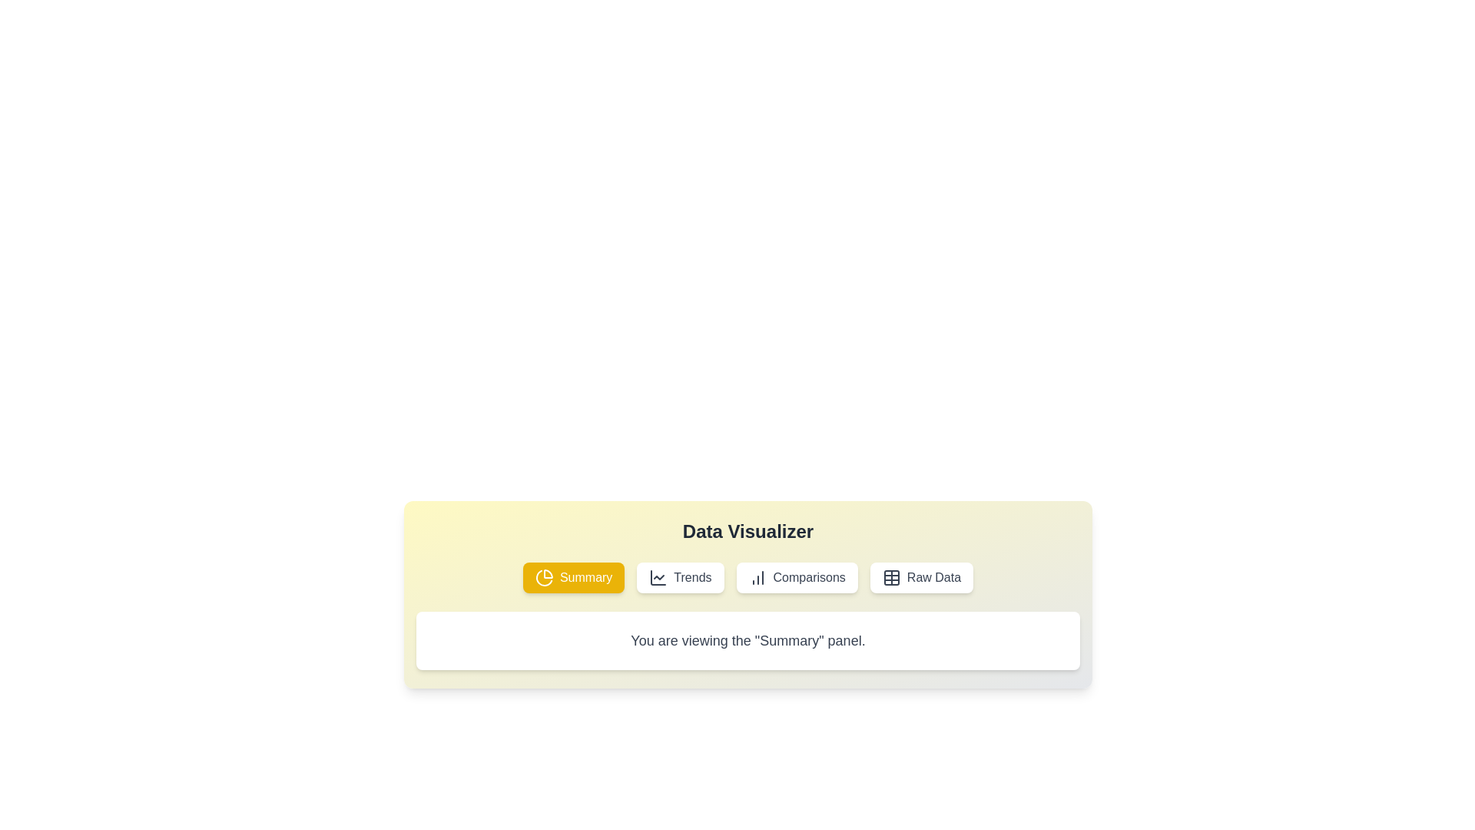  I want to click on the decorative icon for the 'Trends' button, which is located to the left of the 'Trends' text within the control panel, so click(658, 578).